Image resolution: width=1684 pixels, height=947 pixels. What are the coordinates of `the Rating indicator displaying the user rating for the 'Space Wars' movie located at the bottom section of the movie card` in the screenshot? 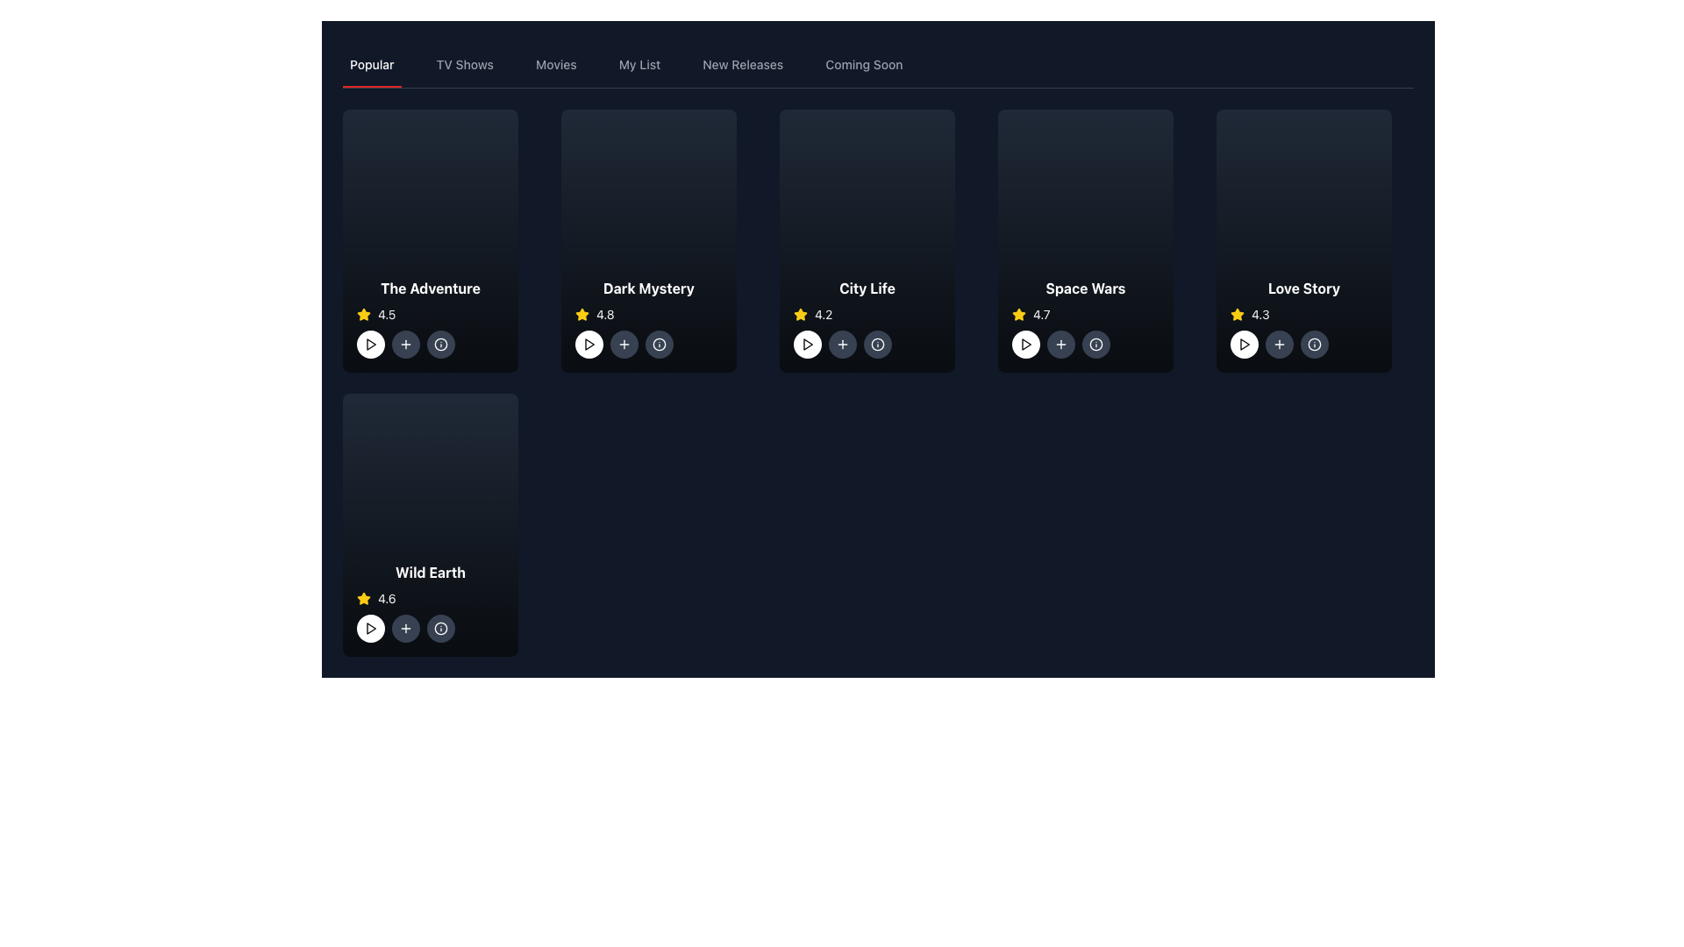 It's located at (1085, 313).